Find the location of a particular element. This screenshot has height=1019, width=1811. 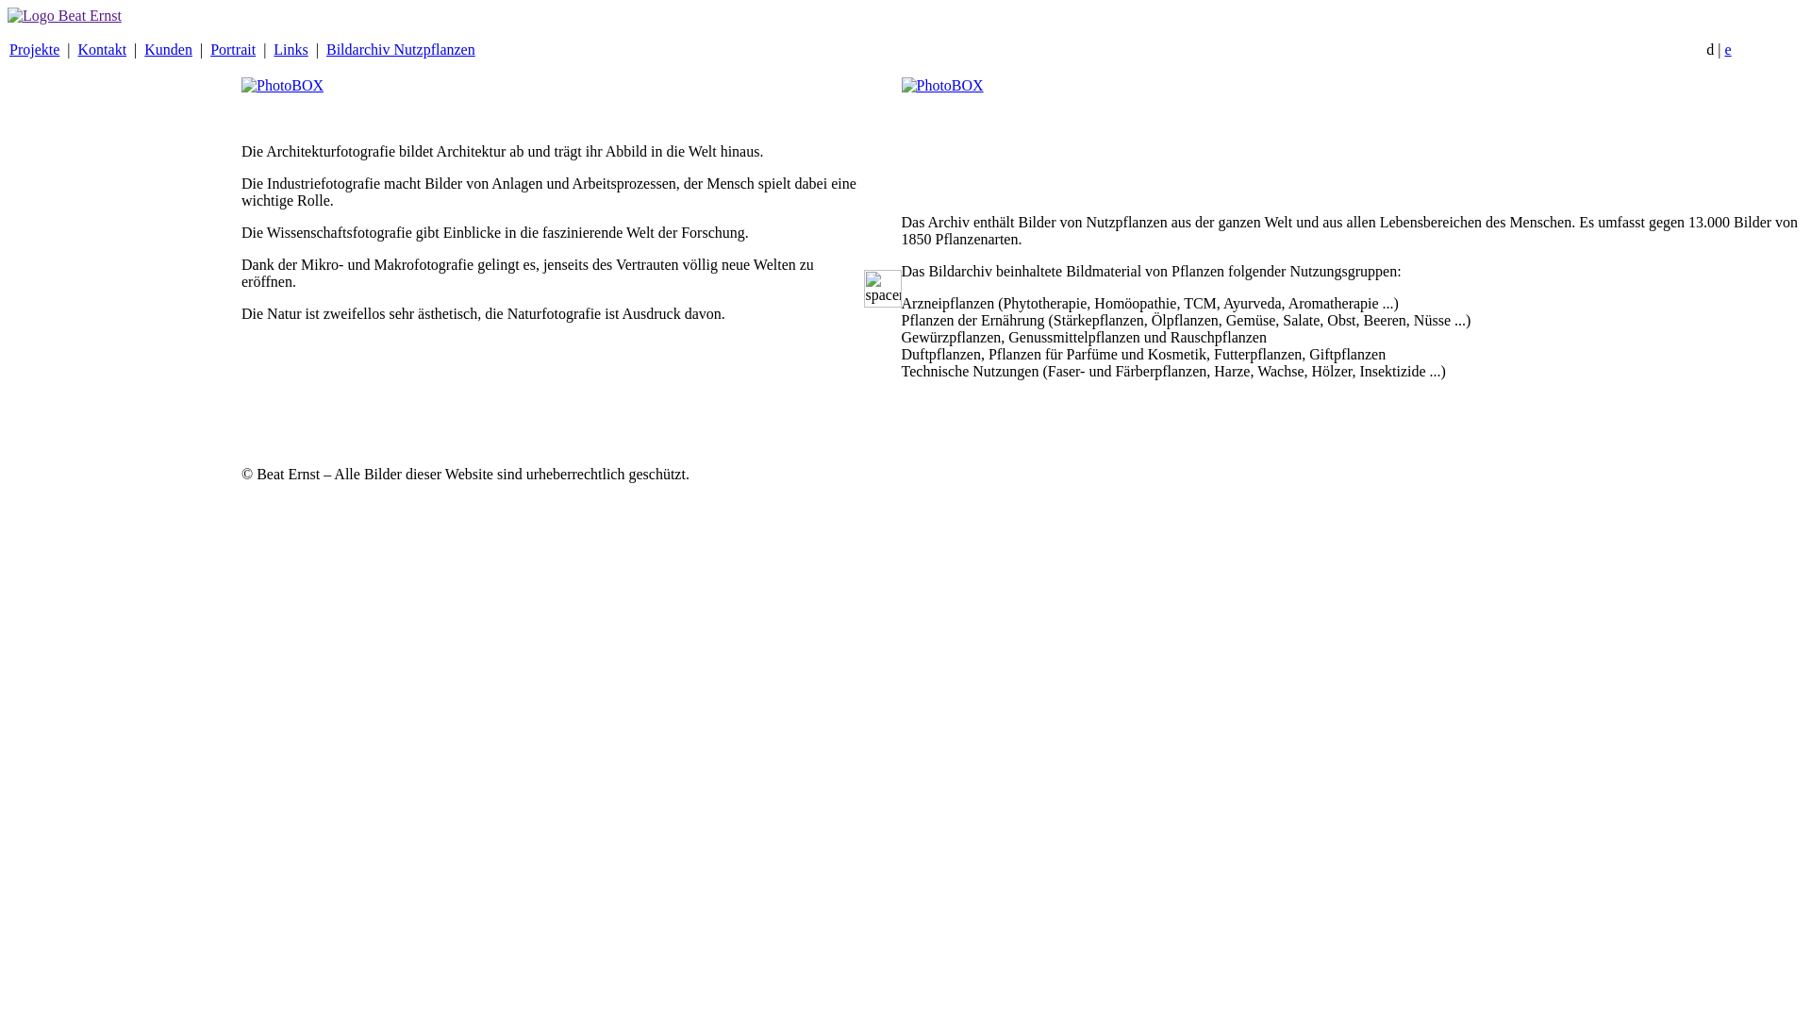

'Kunden' is located at coordinates (168, 48).